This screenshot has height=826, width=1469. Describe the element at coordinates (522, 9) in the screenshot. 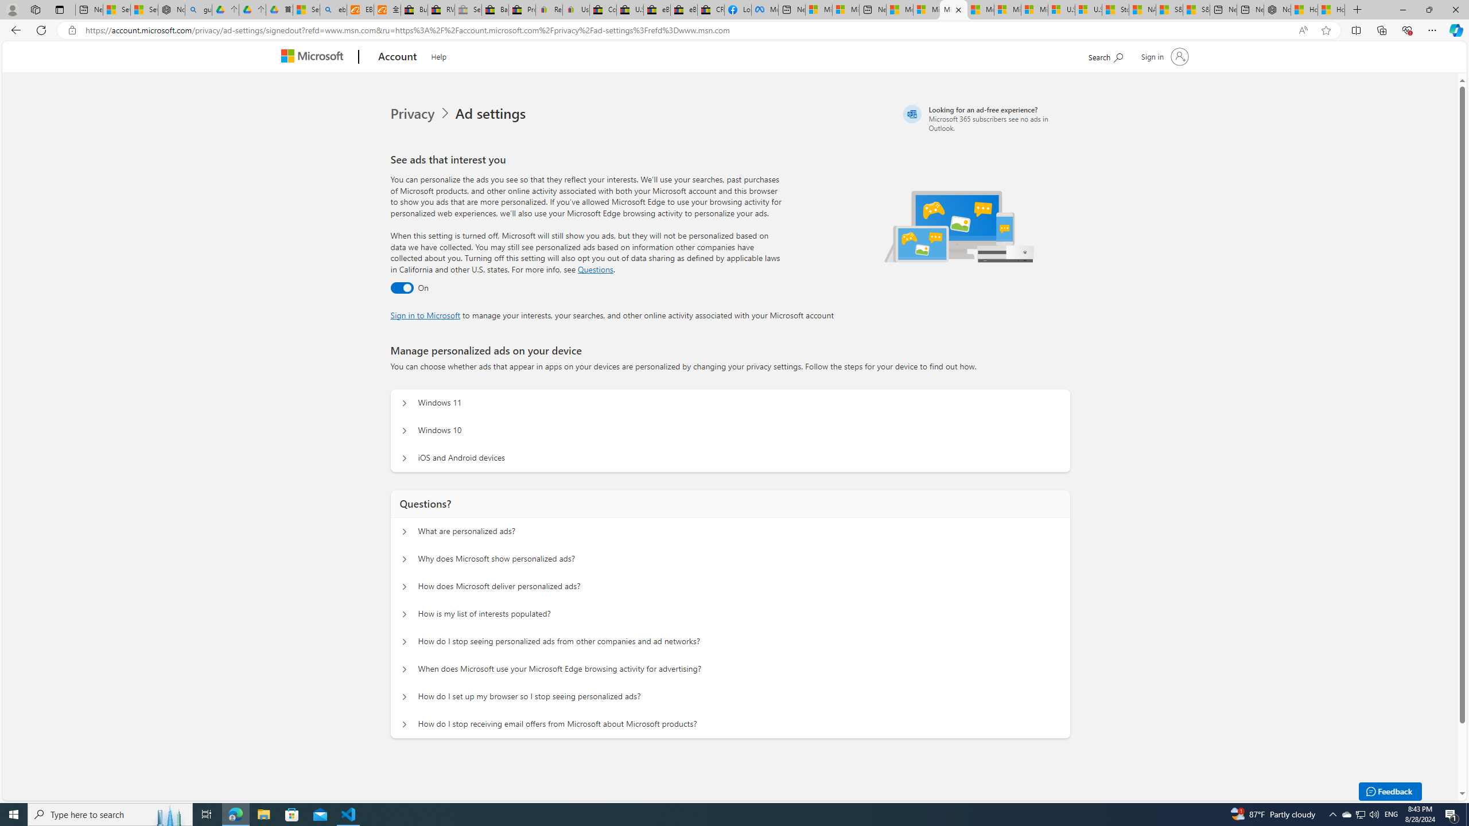

I see `'Press Room - eBay Inc.'` at that location.